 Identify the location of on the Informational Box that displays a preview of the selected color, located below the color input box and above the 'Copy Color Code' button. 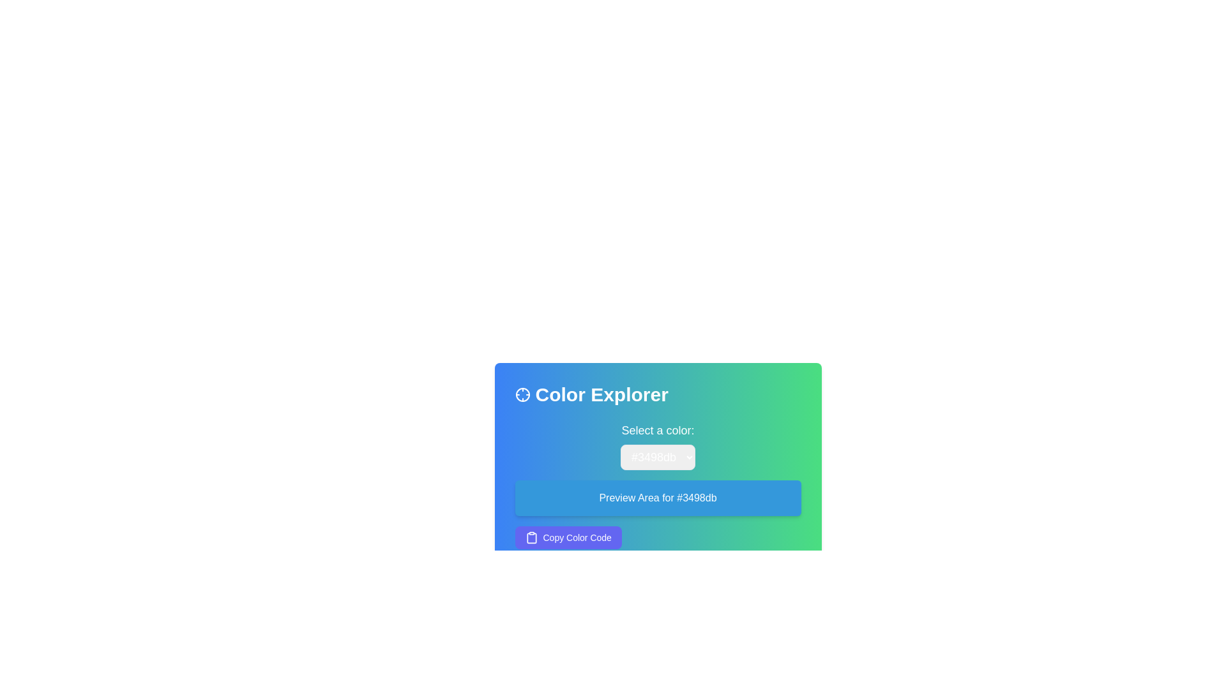
(658, 485).